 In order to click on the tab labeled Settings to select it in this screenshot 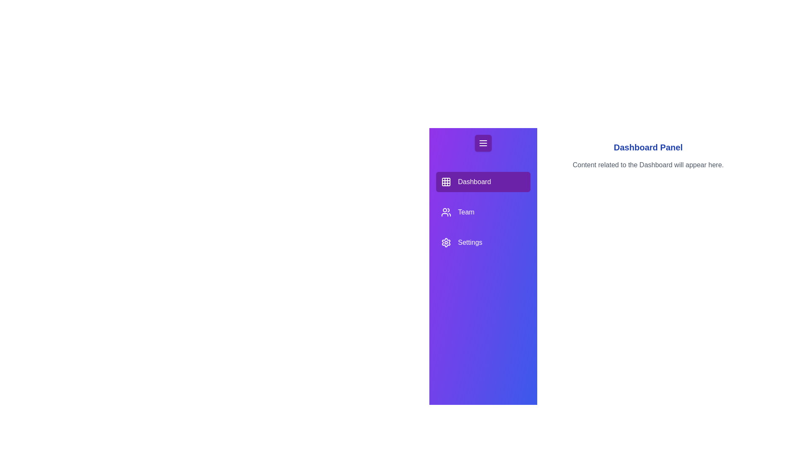, I will do `click(483, 242)`.